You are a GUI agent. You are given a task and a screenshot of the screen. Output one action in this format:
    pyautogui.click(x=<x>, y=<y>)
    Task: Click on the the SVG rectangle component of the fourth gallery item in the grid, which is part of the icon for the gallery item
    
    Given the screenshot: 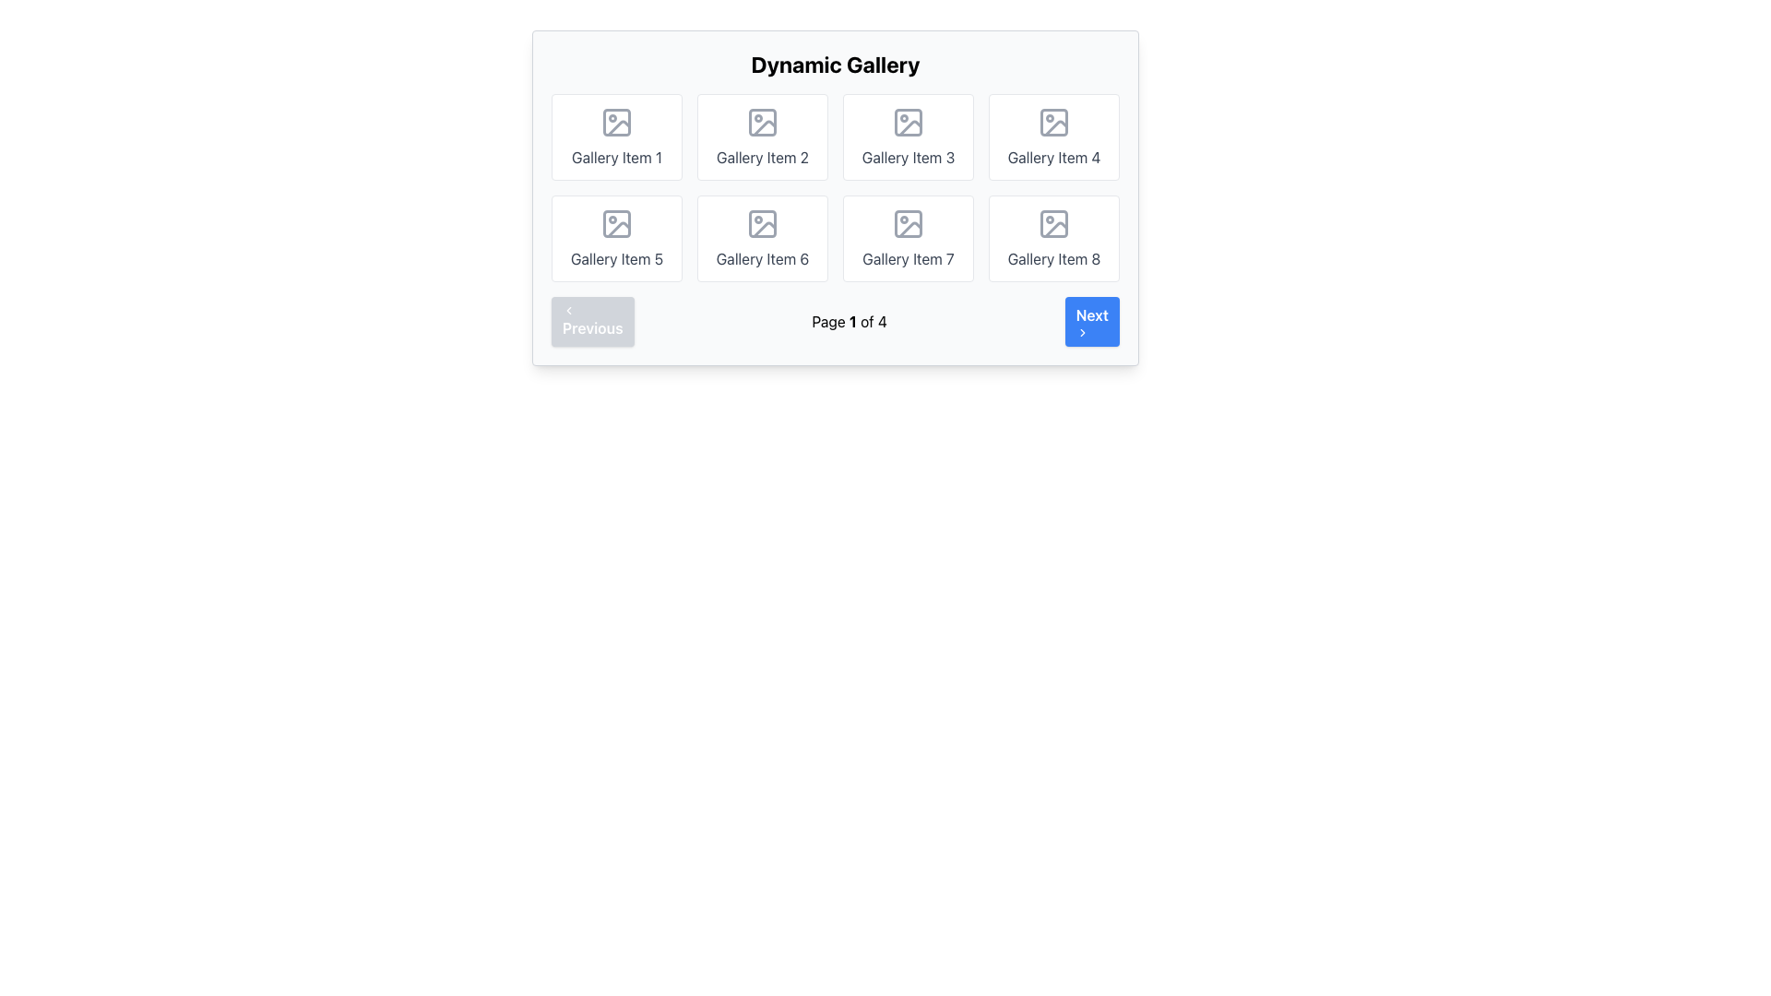 What is the action you would take?
    pyautogui.click(x=1053, y=122)
    